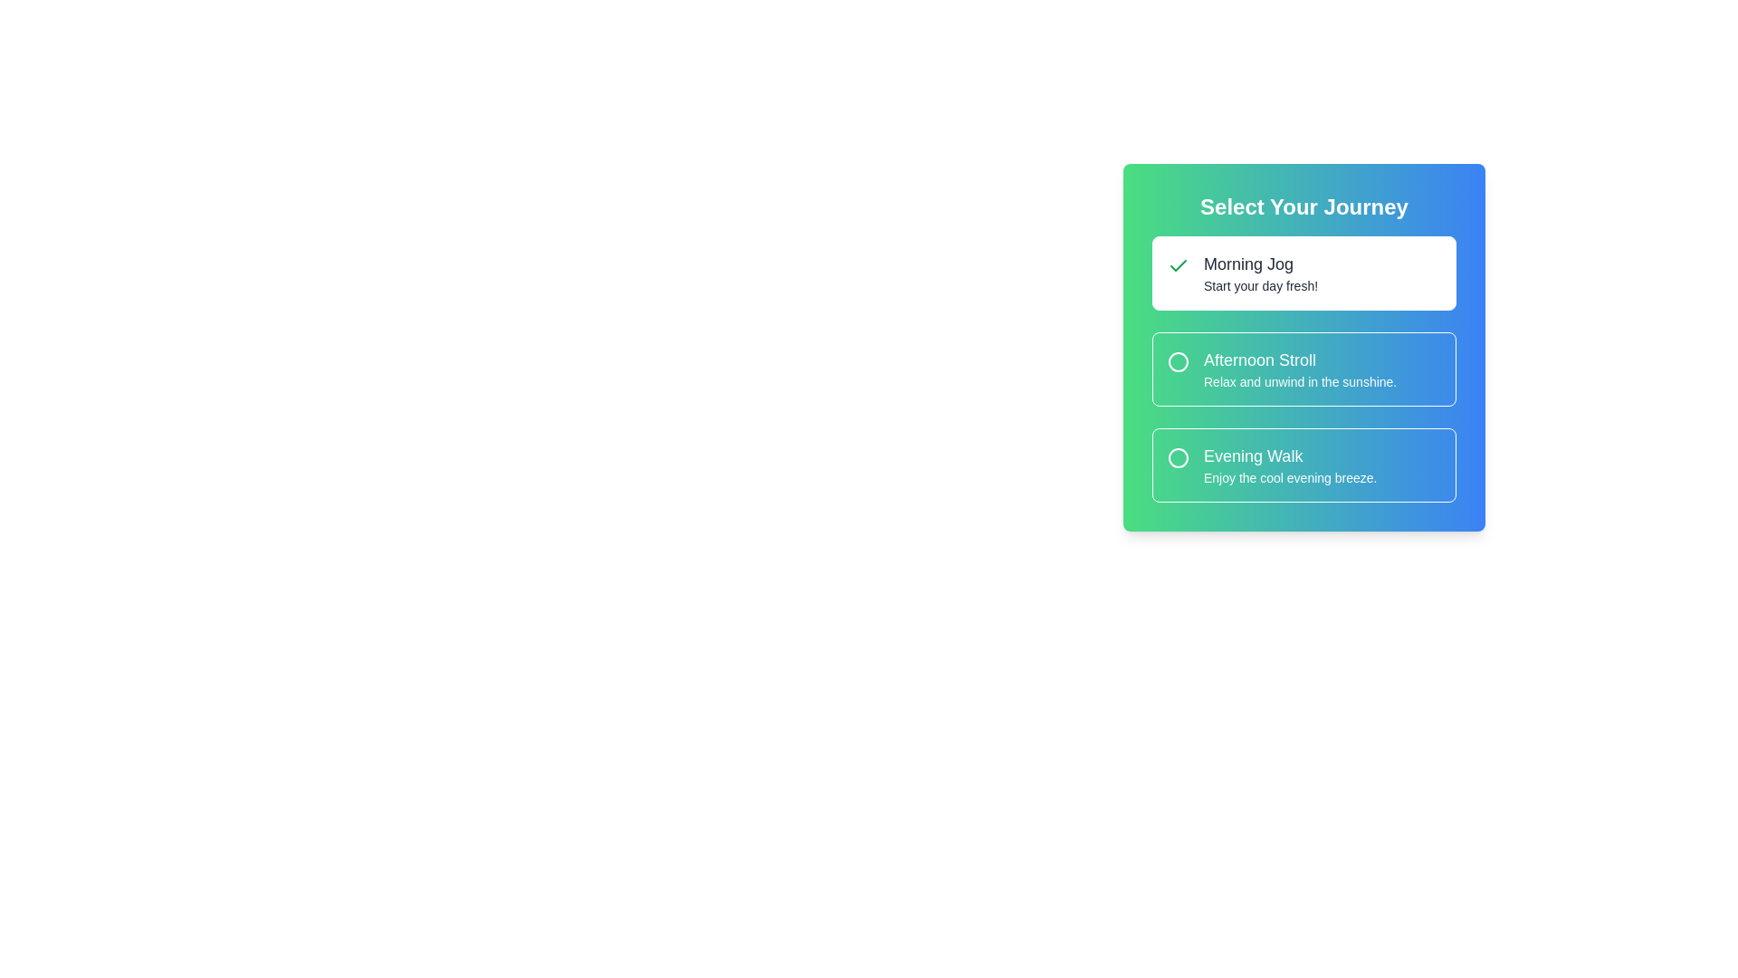 Image resolution: width=1738 pixels, height=978 pixels. Describe the element at coordinates (1259, 264) in the screenshot. I see `the text element reading 'Morning Jog', which is styled in a larger bold font and is located at the top of a card component` at that location.